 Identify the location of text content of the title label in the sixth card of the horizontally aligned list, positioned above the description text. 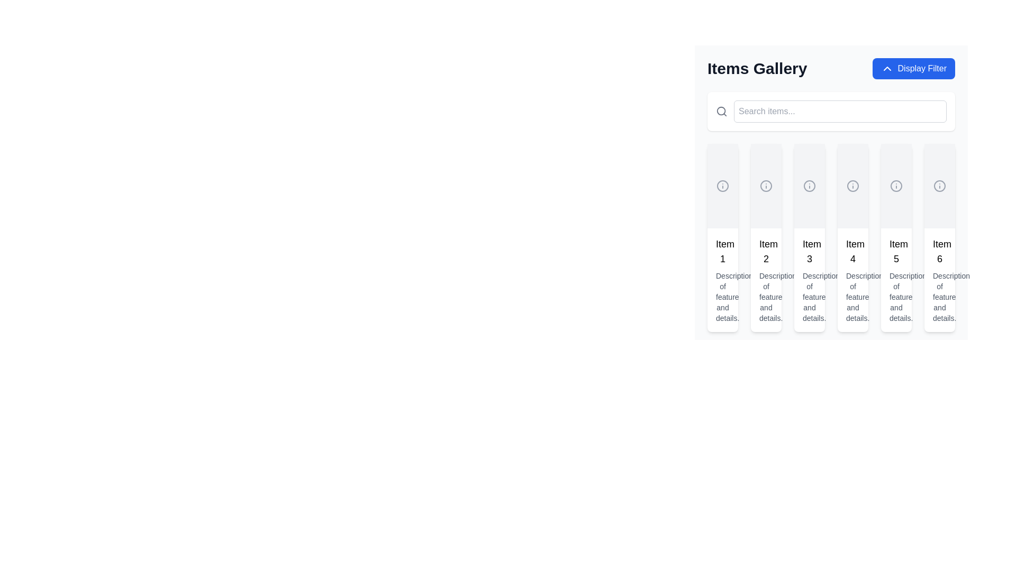
(940, 251).